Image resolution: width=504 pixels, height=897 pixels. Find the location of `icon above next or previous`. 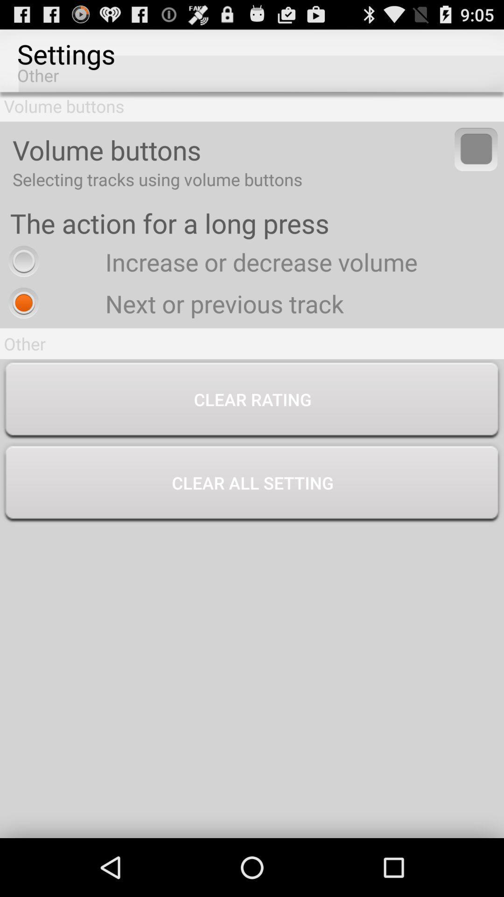

icon above next or previous is located at coordinates (210, 262).